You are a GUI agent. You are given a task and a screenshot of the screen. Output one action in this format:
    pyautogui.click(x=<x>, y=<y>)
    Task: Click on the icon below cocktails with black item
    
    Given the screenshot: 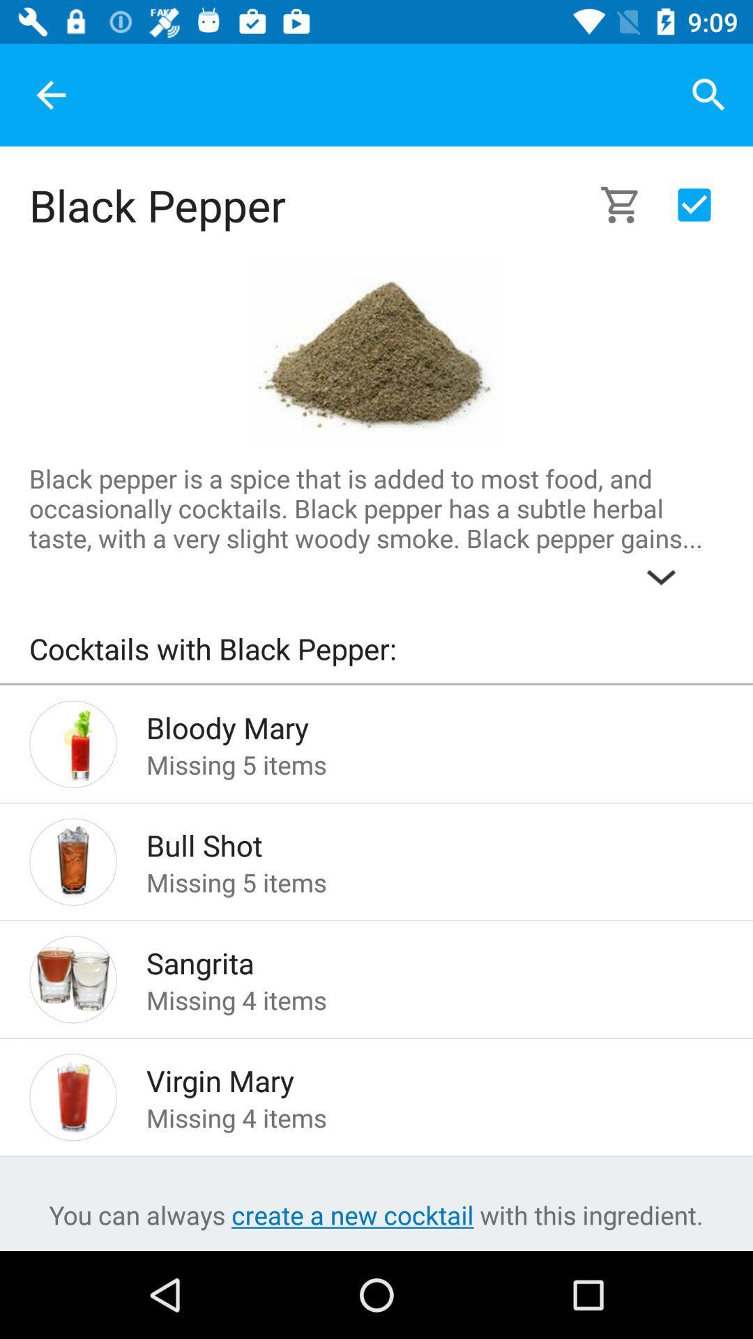 What is the action you would take?
    pyautogui.click(x=376, y=683)
    